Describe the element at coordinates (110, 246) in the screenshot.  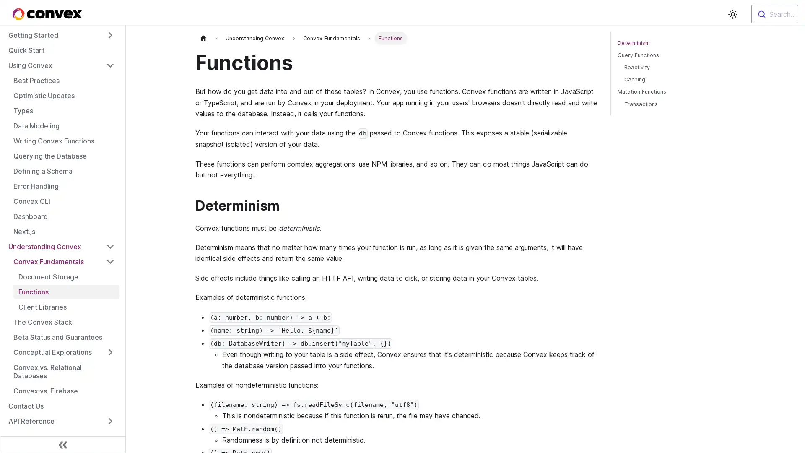
I see `Toggle the collapsible sidebar category 'Understanding Convex'` at that location.